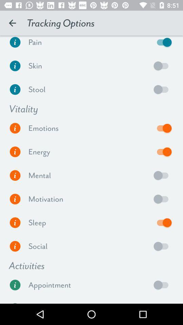  I want to click on go back, so click(162, 89).